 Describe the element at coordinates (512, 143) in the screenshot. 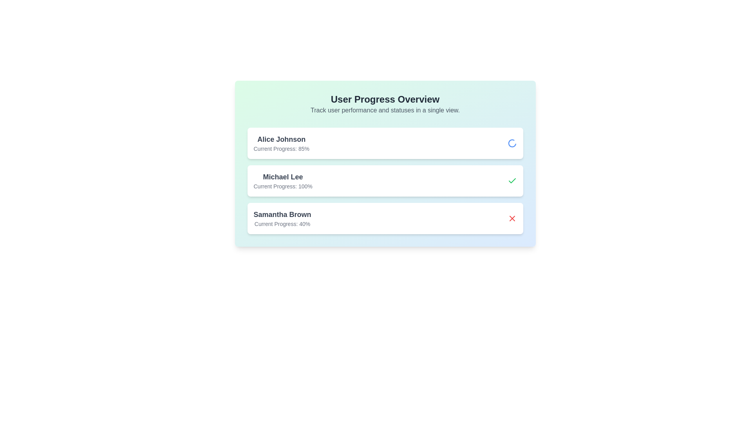

I see `the animation of the blue loading spinner indicator located in the right section of Alice Johnson's progress card, next to the 'Current Progress: 85%' text` at that location.